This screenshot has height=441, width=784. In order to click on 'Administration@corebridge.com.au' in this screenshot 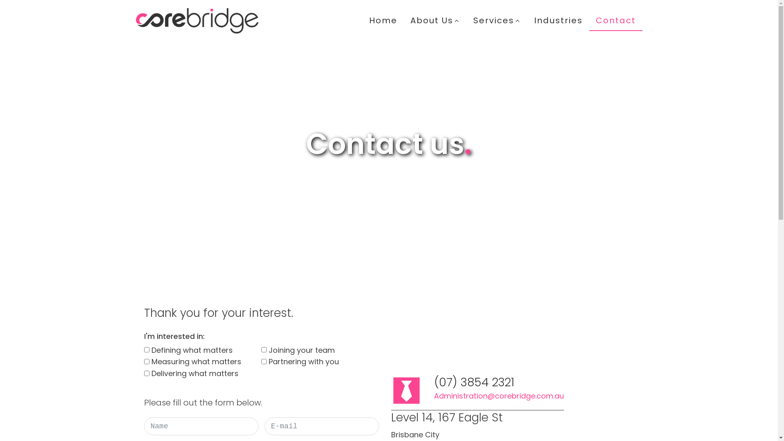, I will do `click(498, 396)`.